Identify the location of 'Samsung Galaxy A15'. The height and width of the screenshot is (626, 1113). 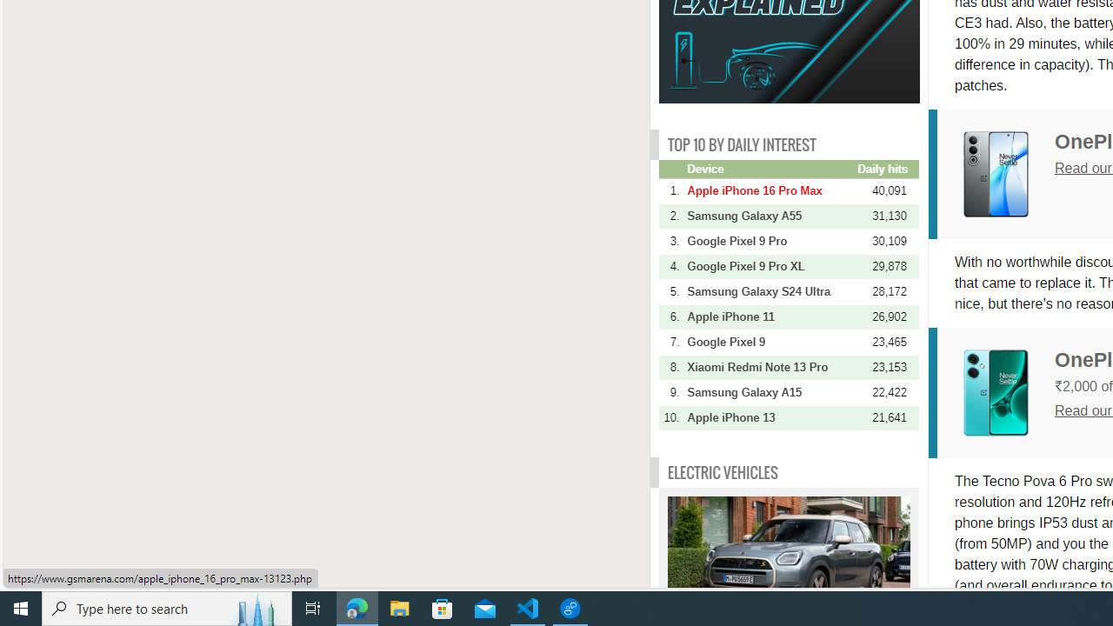
(770, 392).